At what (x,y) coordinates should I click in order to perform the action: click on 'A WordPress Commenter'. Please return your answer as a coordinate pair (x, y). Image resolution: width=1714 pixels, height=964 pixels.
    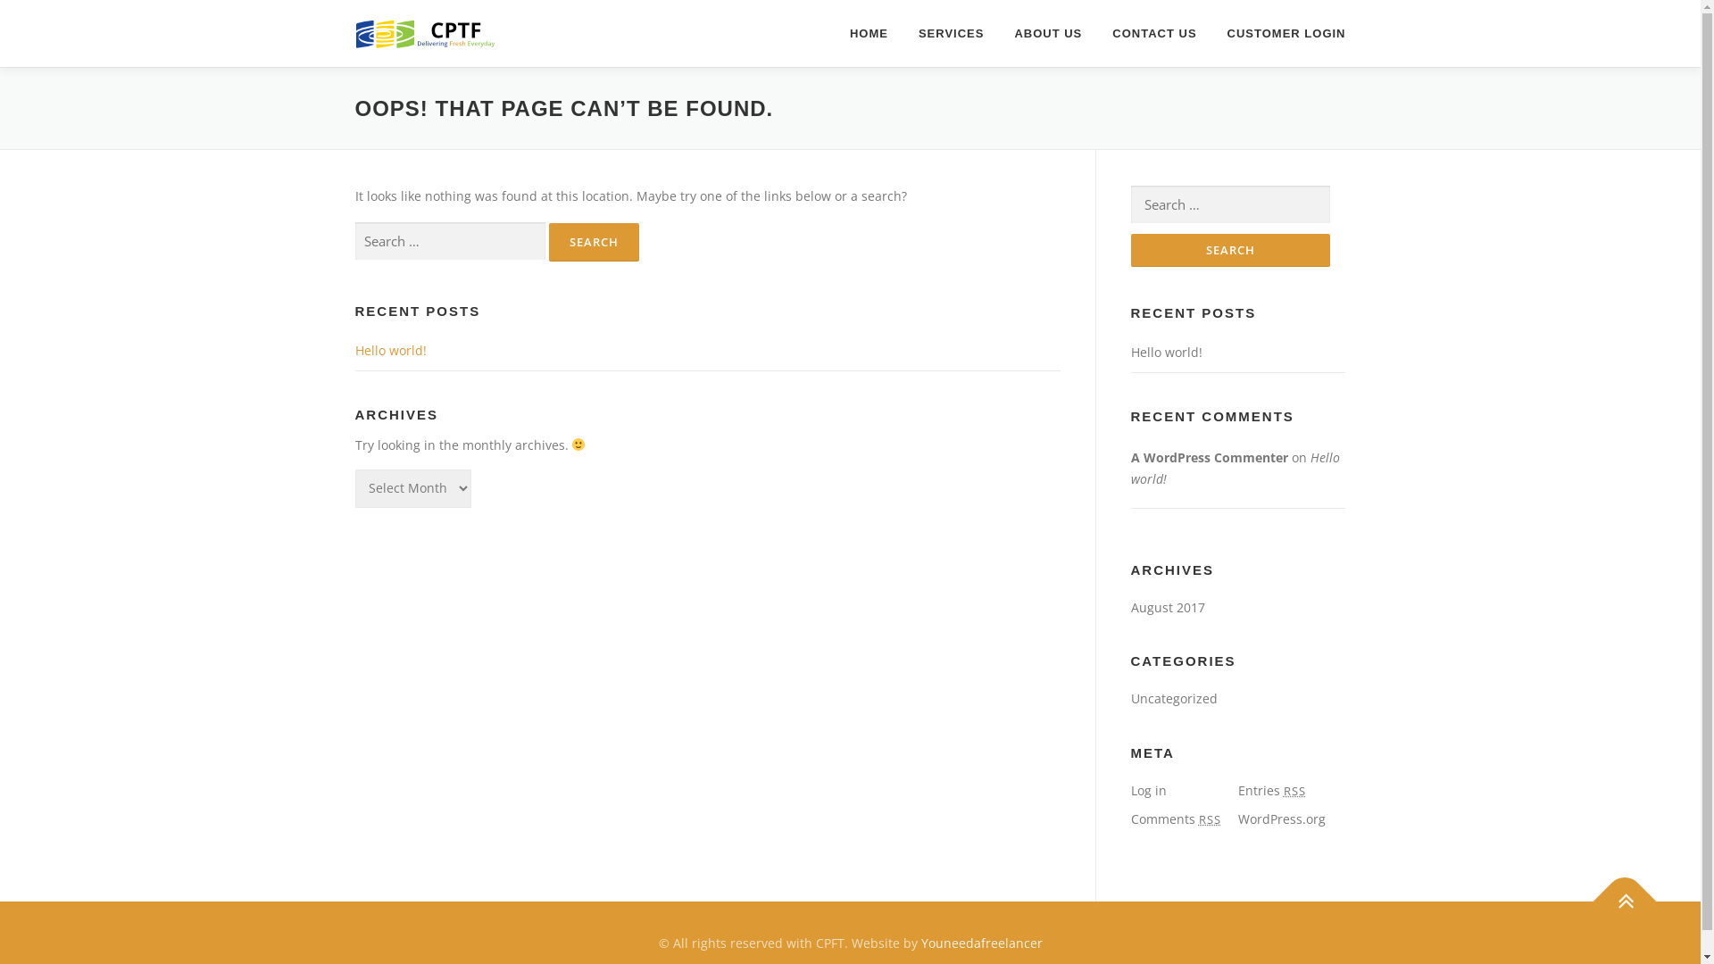
    Looking at the image, I should click on (1208, 456).